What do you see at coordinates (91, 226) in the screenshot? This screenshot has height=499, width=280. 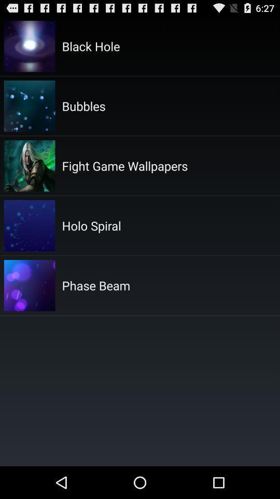 I see `item below the fight game wallpapers icon` at bounding box center [91, 226].